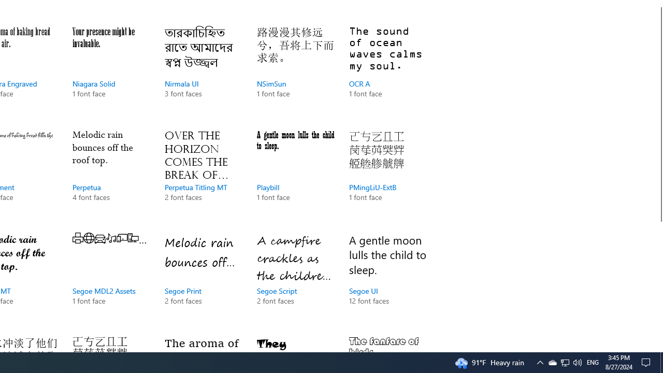 The image size is (663, 373). I want to click on 'NSimSun, 1 font face', so click(295, 72).